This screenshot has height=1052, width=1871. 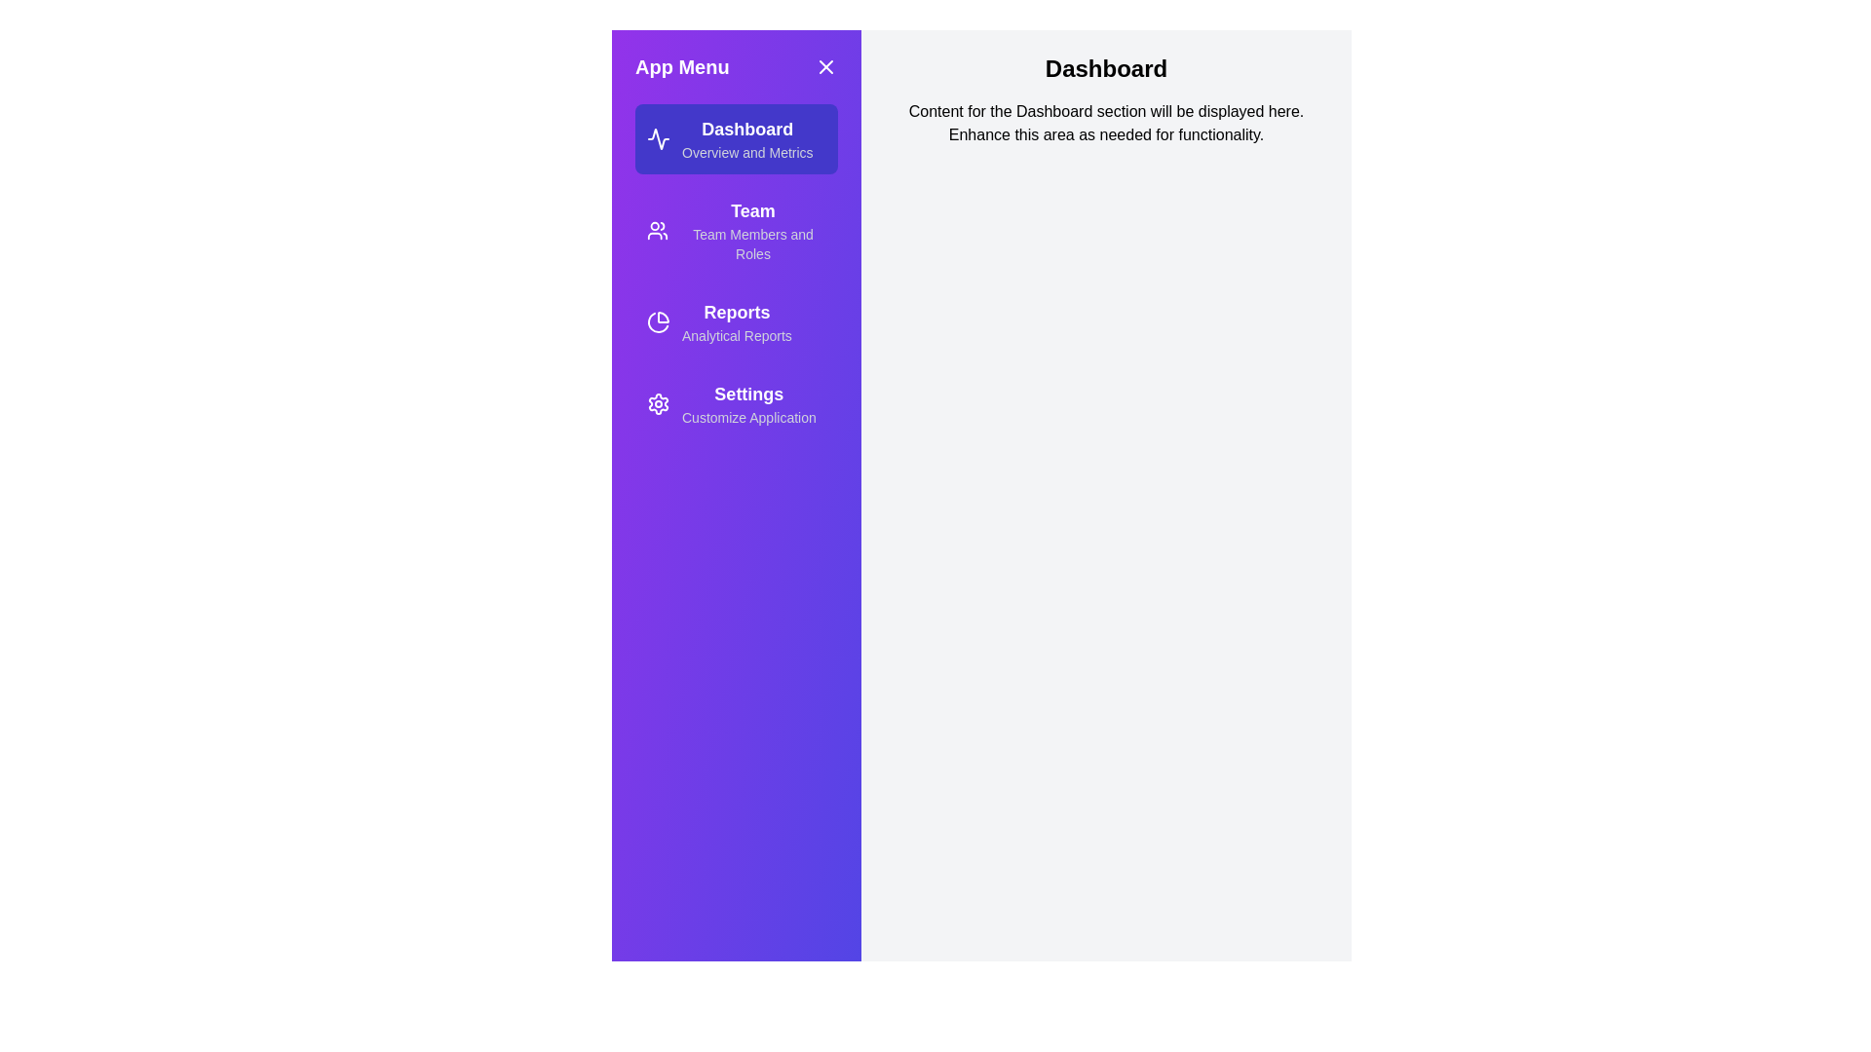 I want to click on the close button in the drawer to toggle its visibility, so click(x=826, y=66).